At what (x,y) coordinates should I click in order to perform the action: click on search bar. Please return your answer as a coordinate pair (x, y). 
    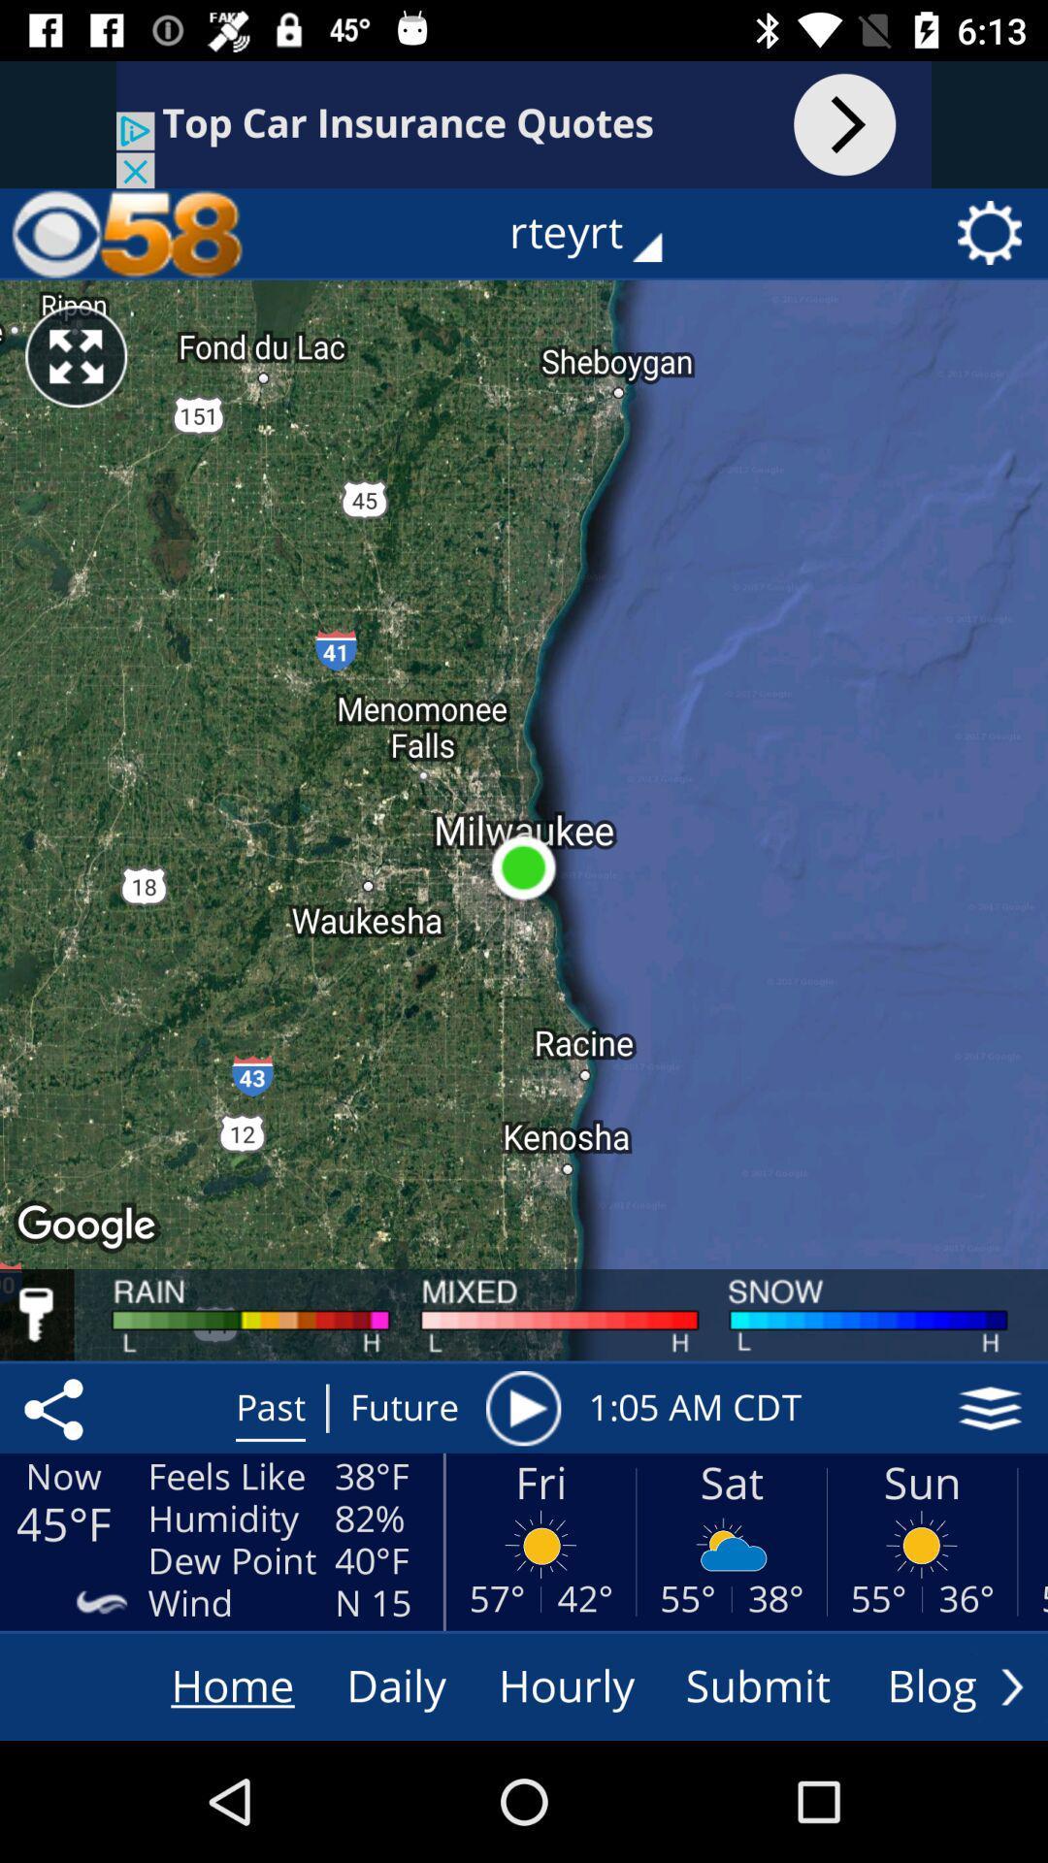
    Looking at the image, I should click on (524, 123).